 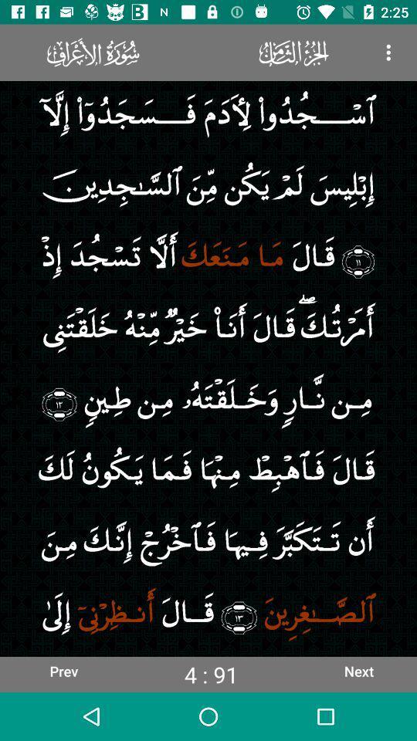 I want to click on the icon to the left of 4 : 91, so click(x=63, y=670).